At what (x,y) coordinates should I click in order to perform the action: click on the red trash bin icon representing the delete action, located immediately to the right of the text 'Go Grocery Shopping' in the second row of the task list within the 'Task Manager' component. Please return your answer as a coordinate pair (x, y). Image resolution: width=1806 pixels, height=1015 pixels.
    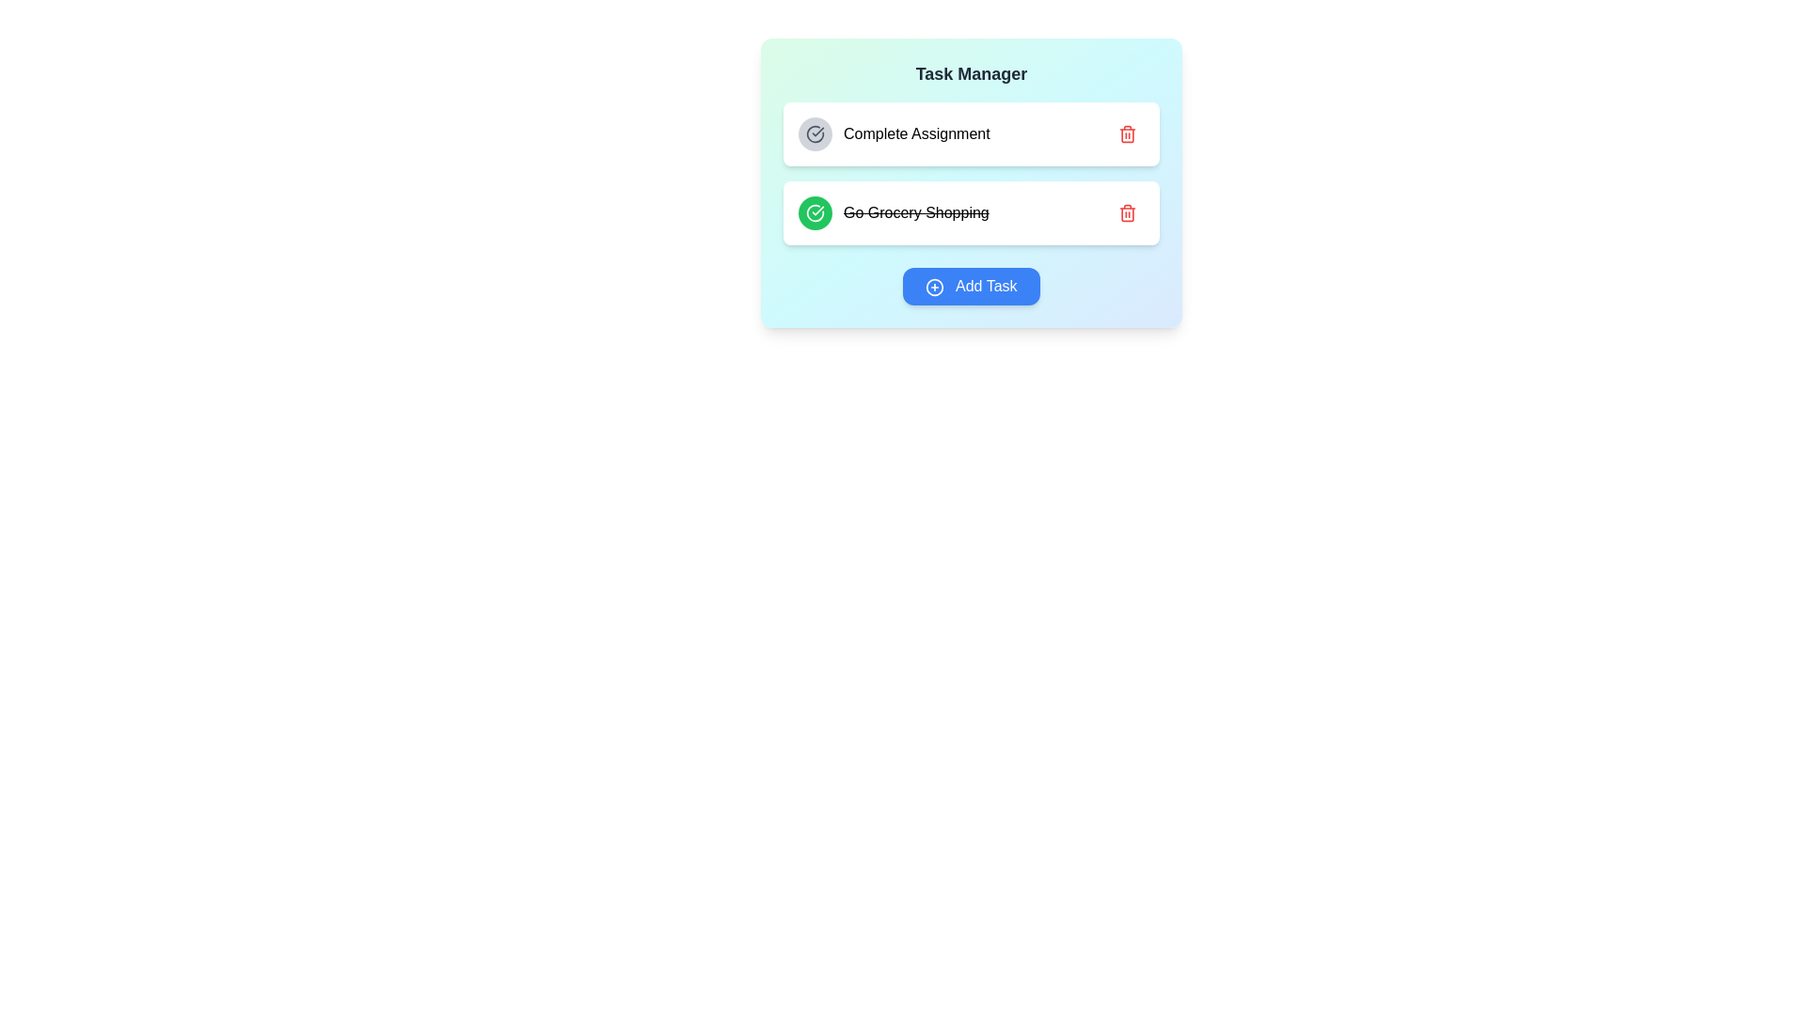
    Looking at the image, I should click on (1128, 133).